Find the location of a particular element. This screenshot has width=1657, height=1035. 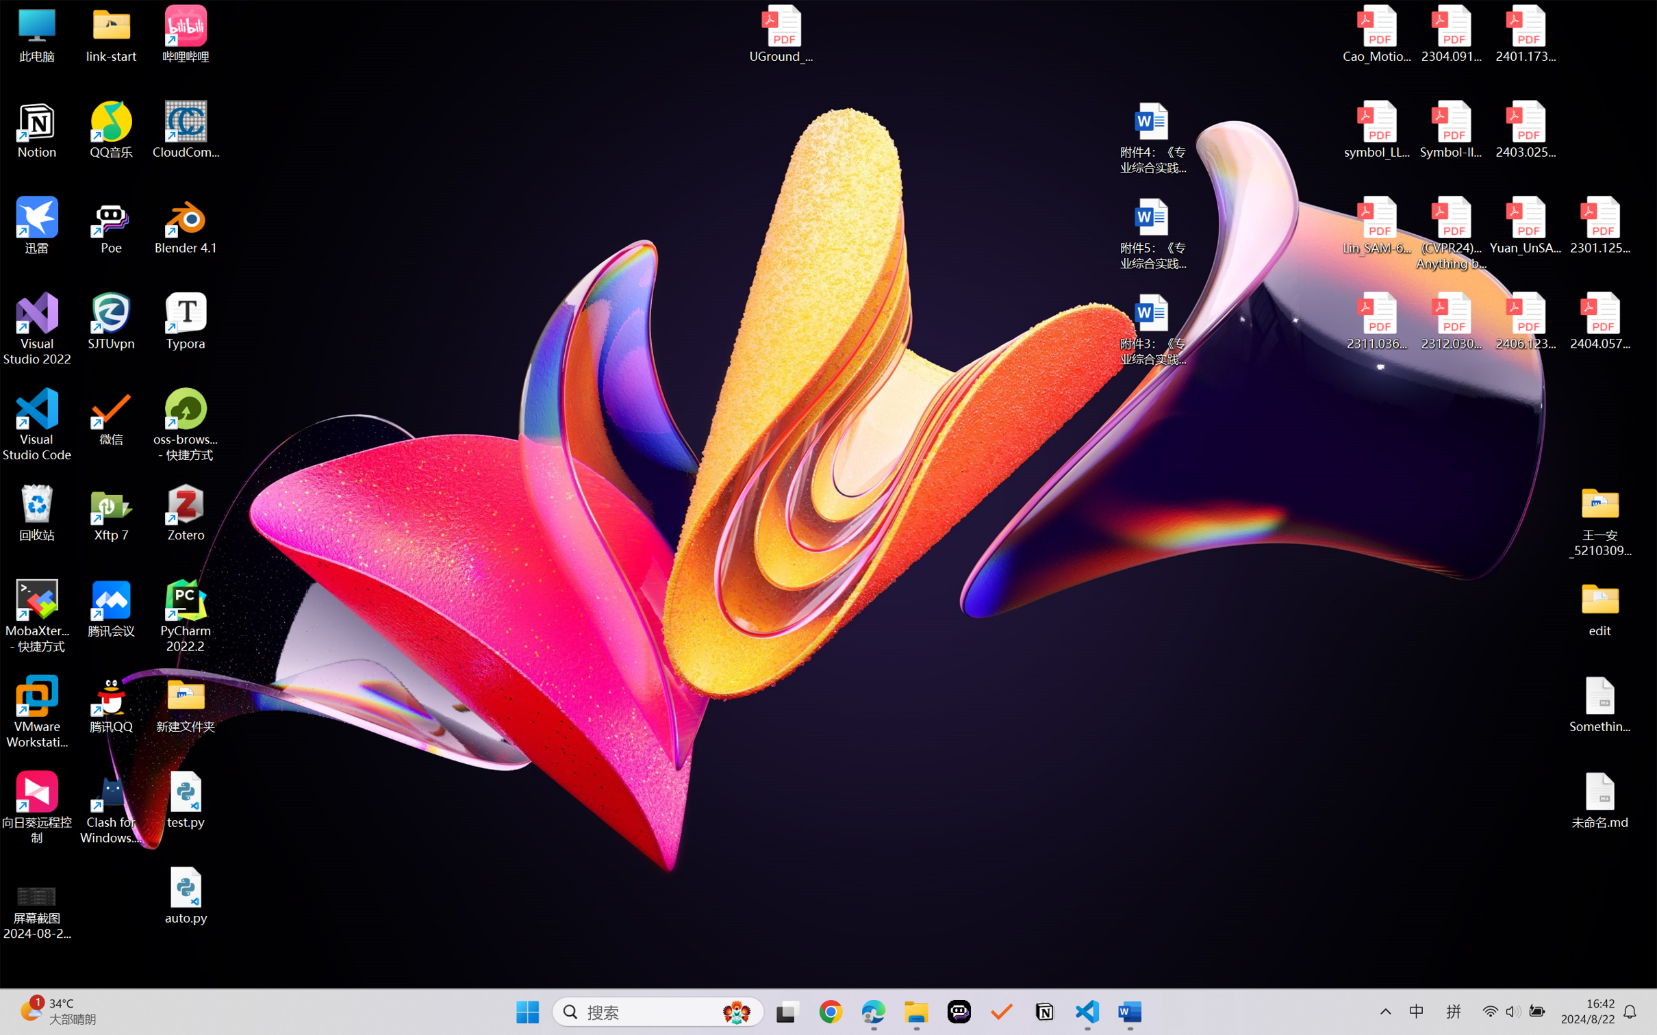

'SJTUvpn' is located at coordinates (112, 321).